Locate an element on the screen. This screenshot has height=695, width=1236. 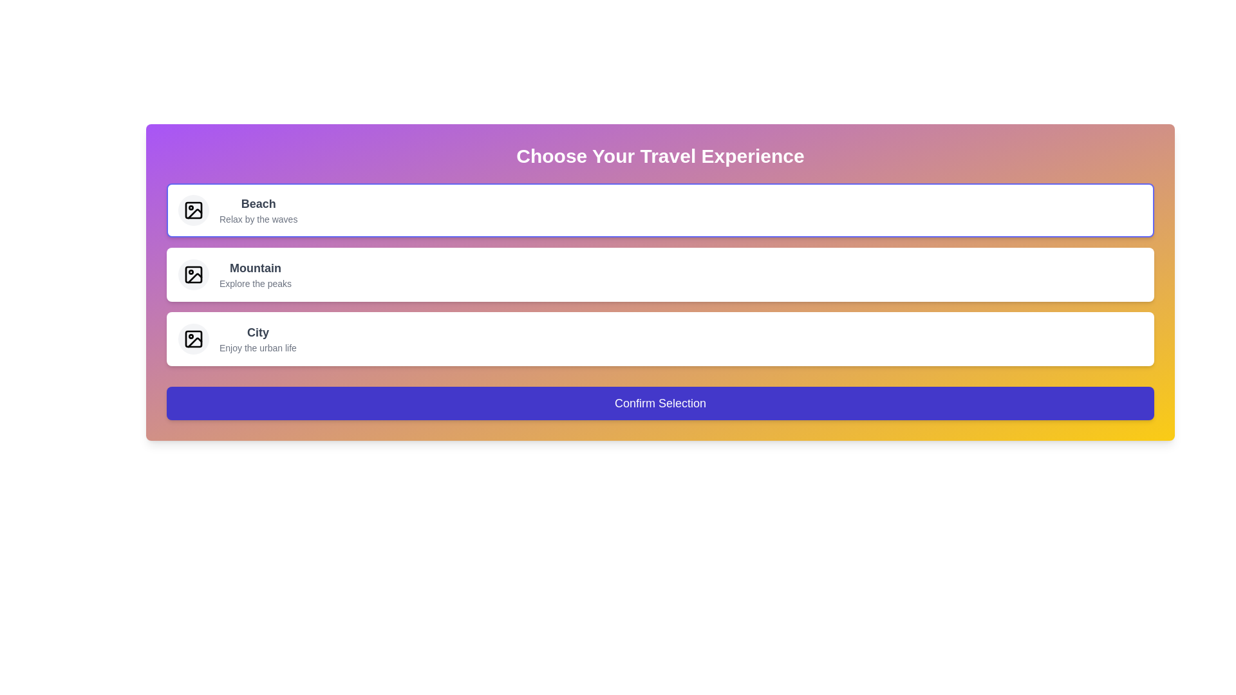
the decorative icon representing the 'Beach' option, located in the top left corner of the first selectable option block labeled 'Beach' is located at coordinates (193, 210).